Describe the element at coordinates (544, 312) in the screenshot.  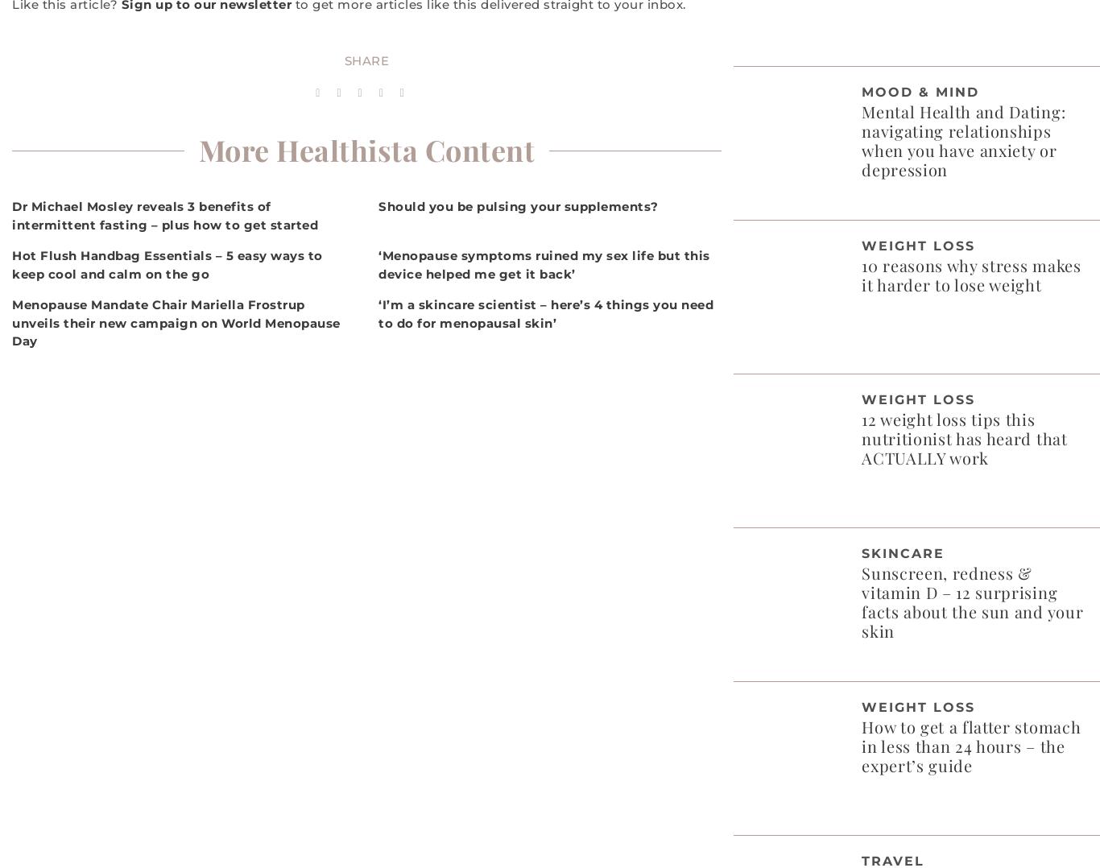
I see `'‘I’m a skincare scientist – here’s 4 things you need to do for menopausal skin’'` at that location.